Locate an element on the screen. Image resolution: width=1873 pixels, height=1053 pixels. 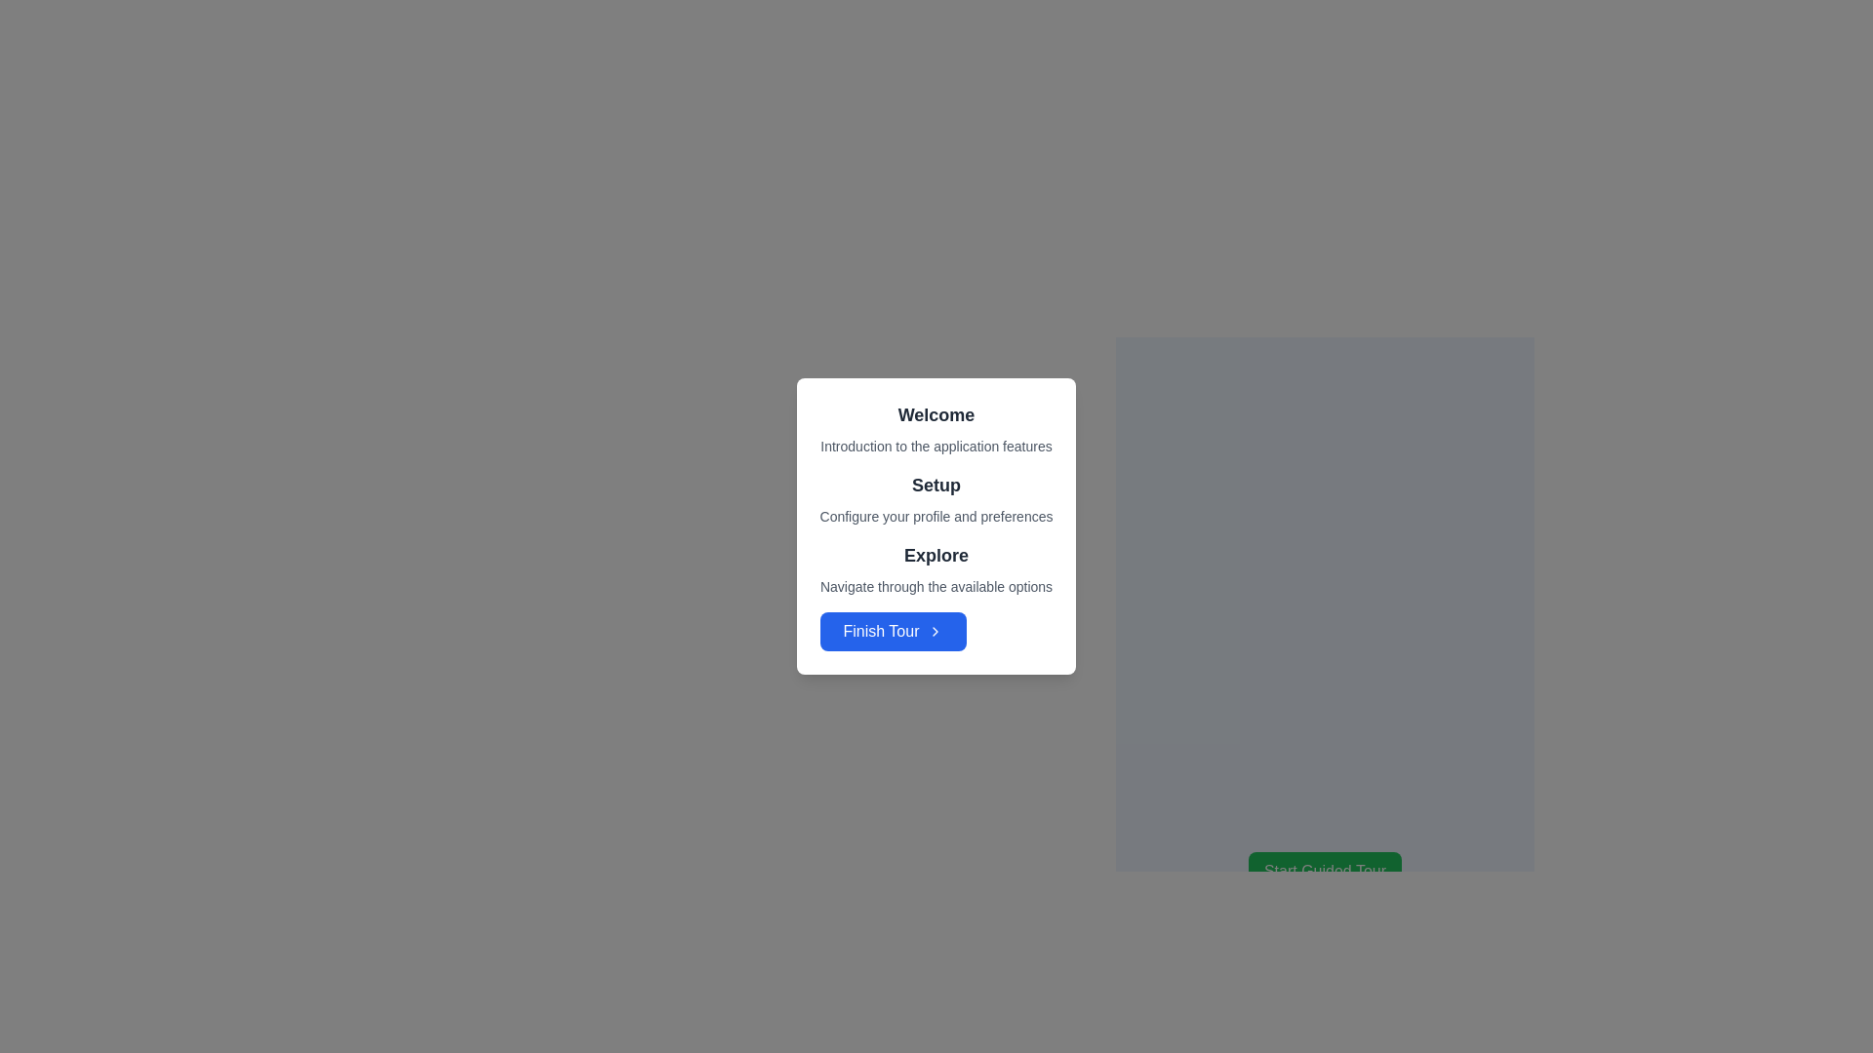
the descriptive text label that provides guidance about the 'Setup' section, located beneath the 'Setup' heading in a card-like interface is located at coordinates (936, 515).